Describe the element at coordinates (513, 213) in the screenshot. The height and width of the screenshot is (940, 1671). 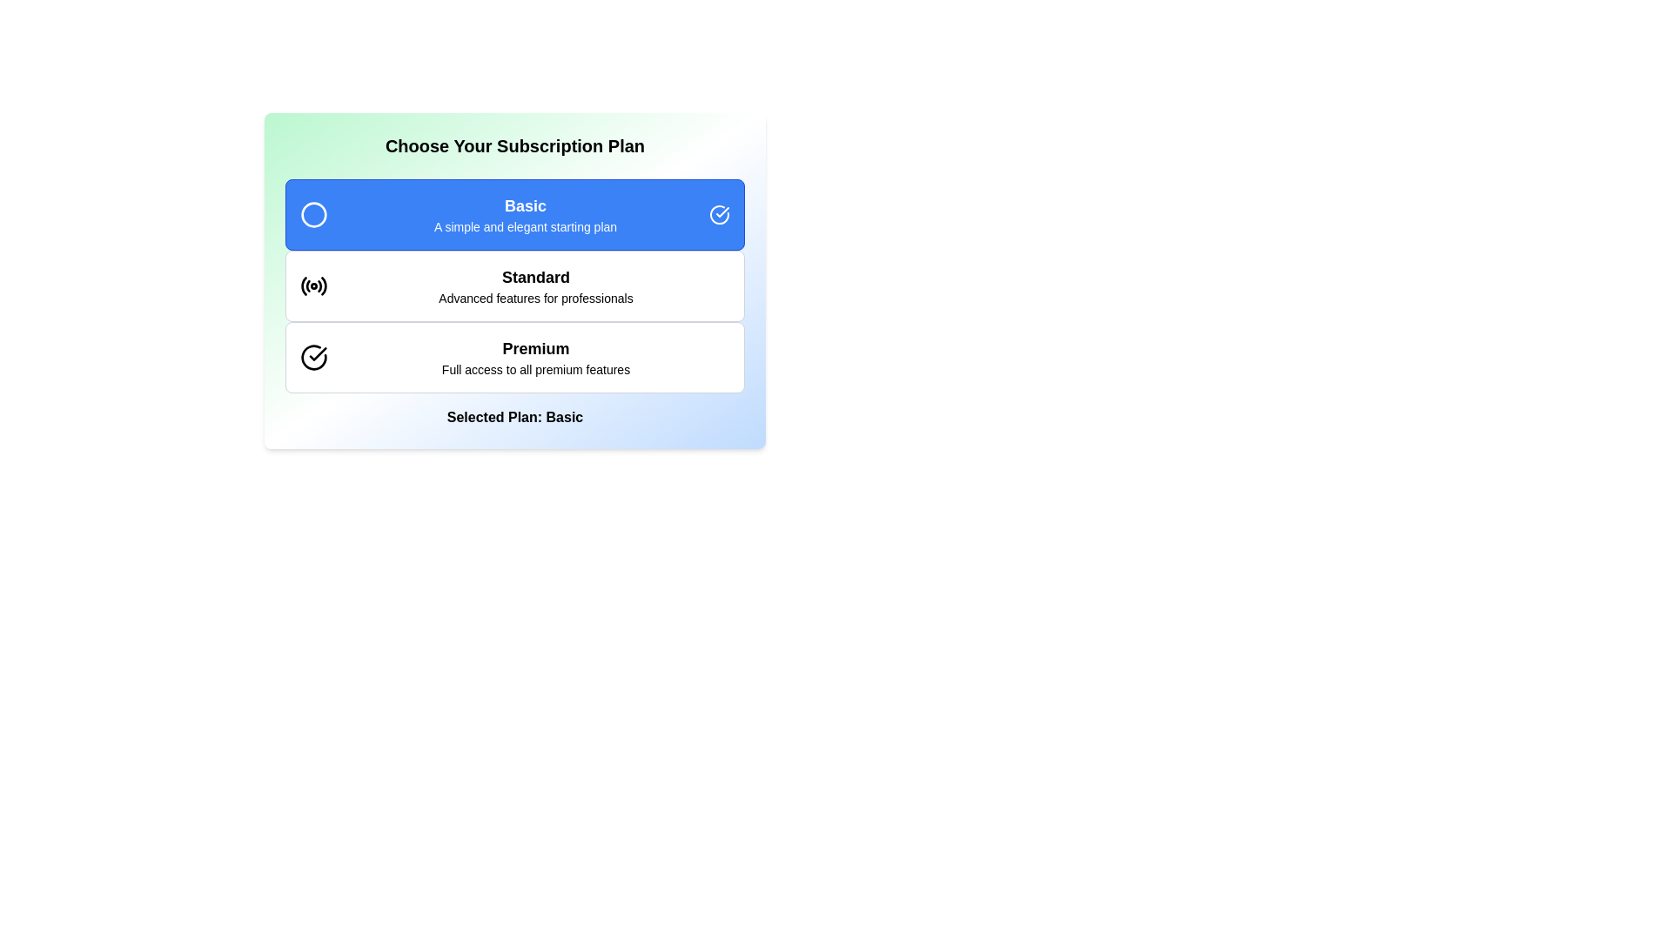
I see `the 'Basic' subscription plan selectable list item located at the top of the subscription selection panel` at that location.